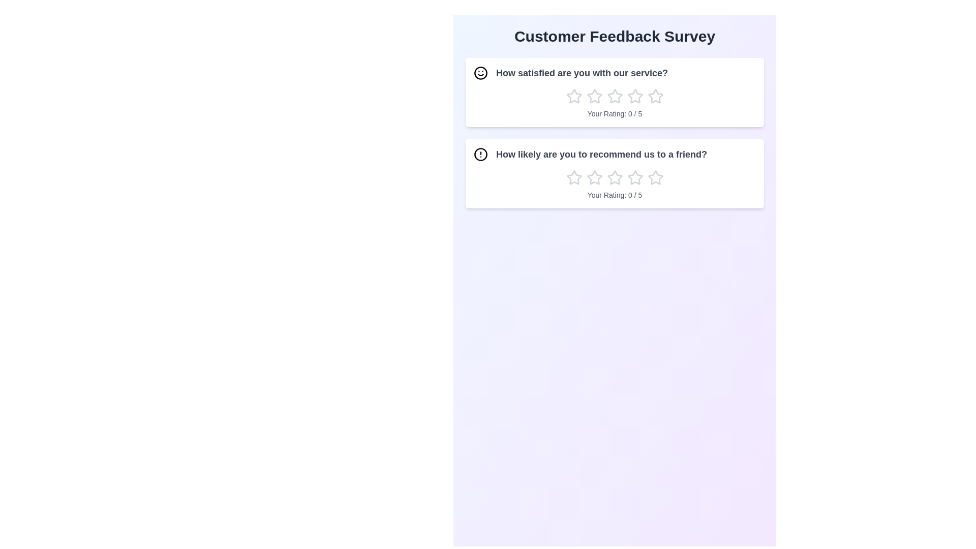 The image size is (976, 549). What do you see at coordinates (480, 155) in the screenshot?
I see `the icon associated with the question 'How likely are you to recommend us to a friend?'` at bounding box center [480, 155].